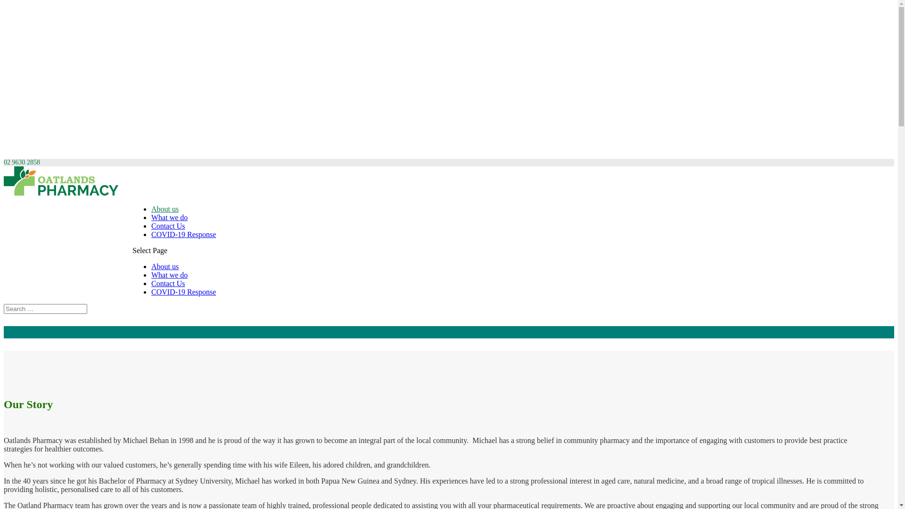 This screenshot has height=509, width=905. What do you see at coordinates (45, 309) in the screenshot?
I see `'Search for:'` at bounding box center [45, 309].